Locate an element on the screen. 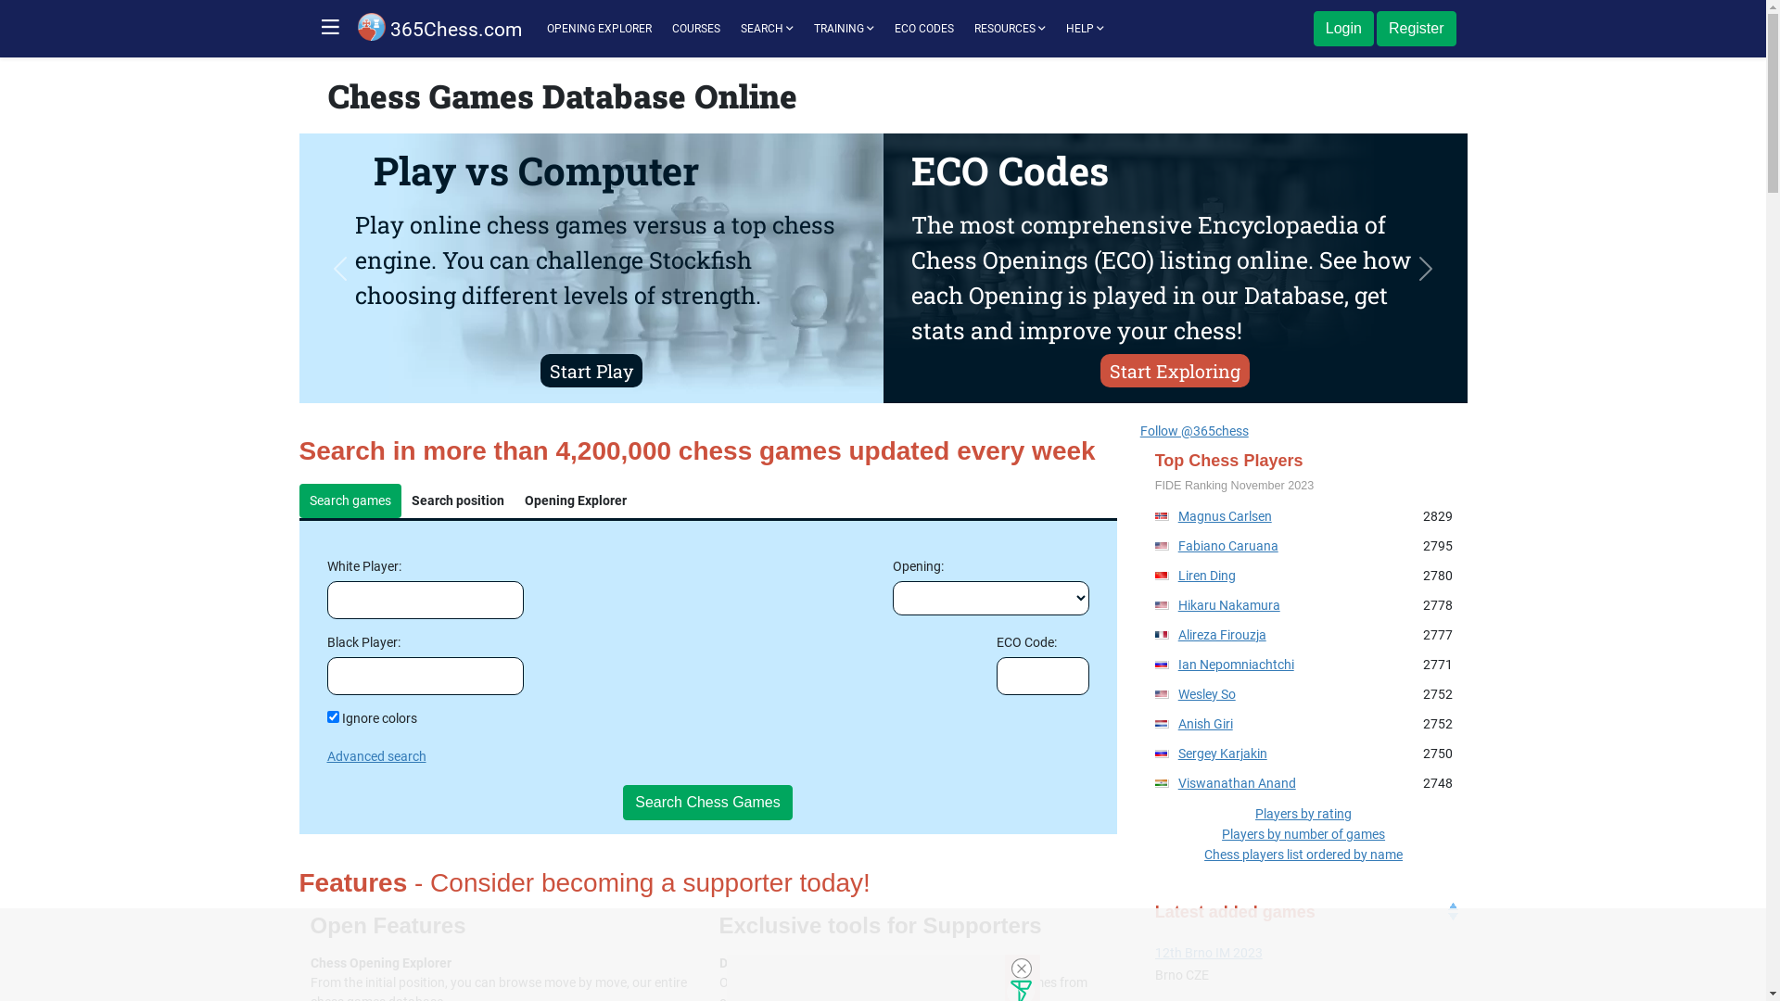  'Follow @365chess' is located at coordinates (1194, 431).